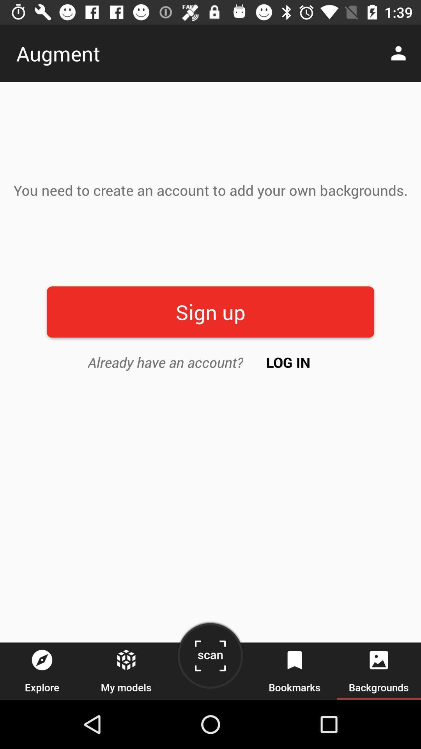 Image resolution: width=421 pixels, height=749 pixels. Describe the element at coordinates (210, 311) in the screenshot. I see `the sign up item` at that location.